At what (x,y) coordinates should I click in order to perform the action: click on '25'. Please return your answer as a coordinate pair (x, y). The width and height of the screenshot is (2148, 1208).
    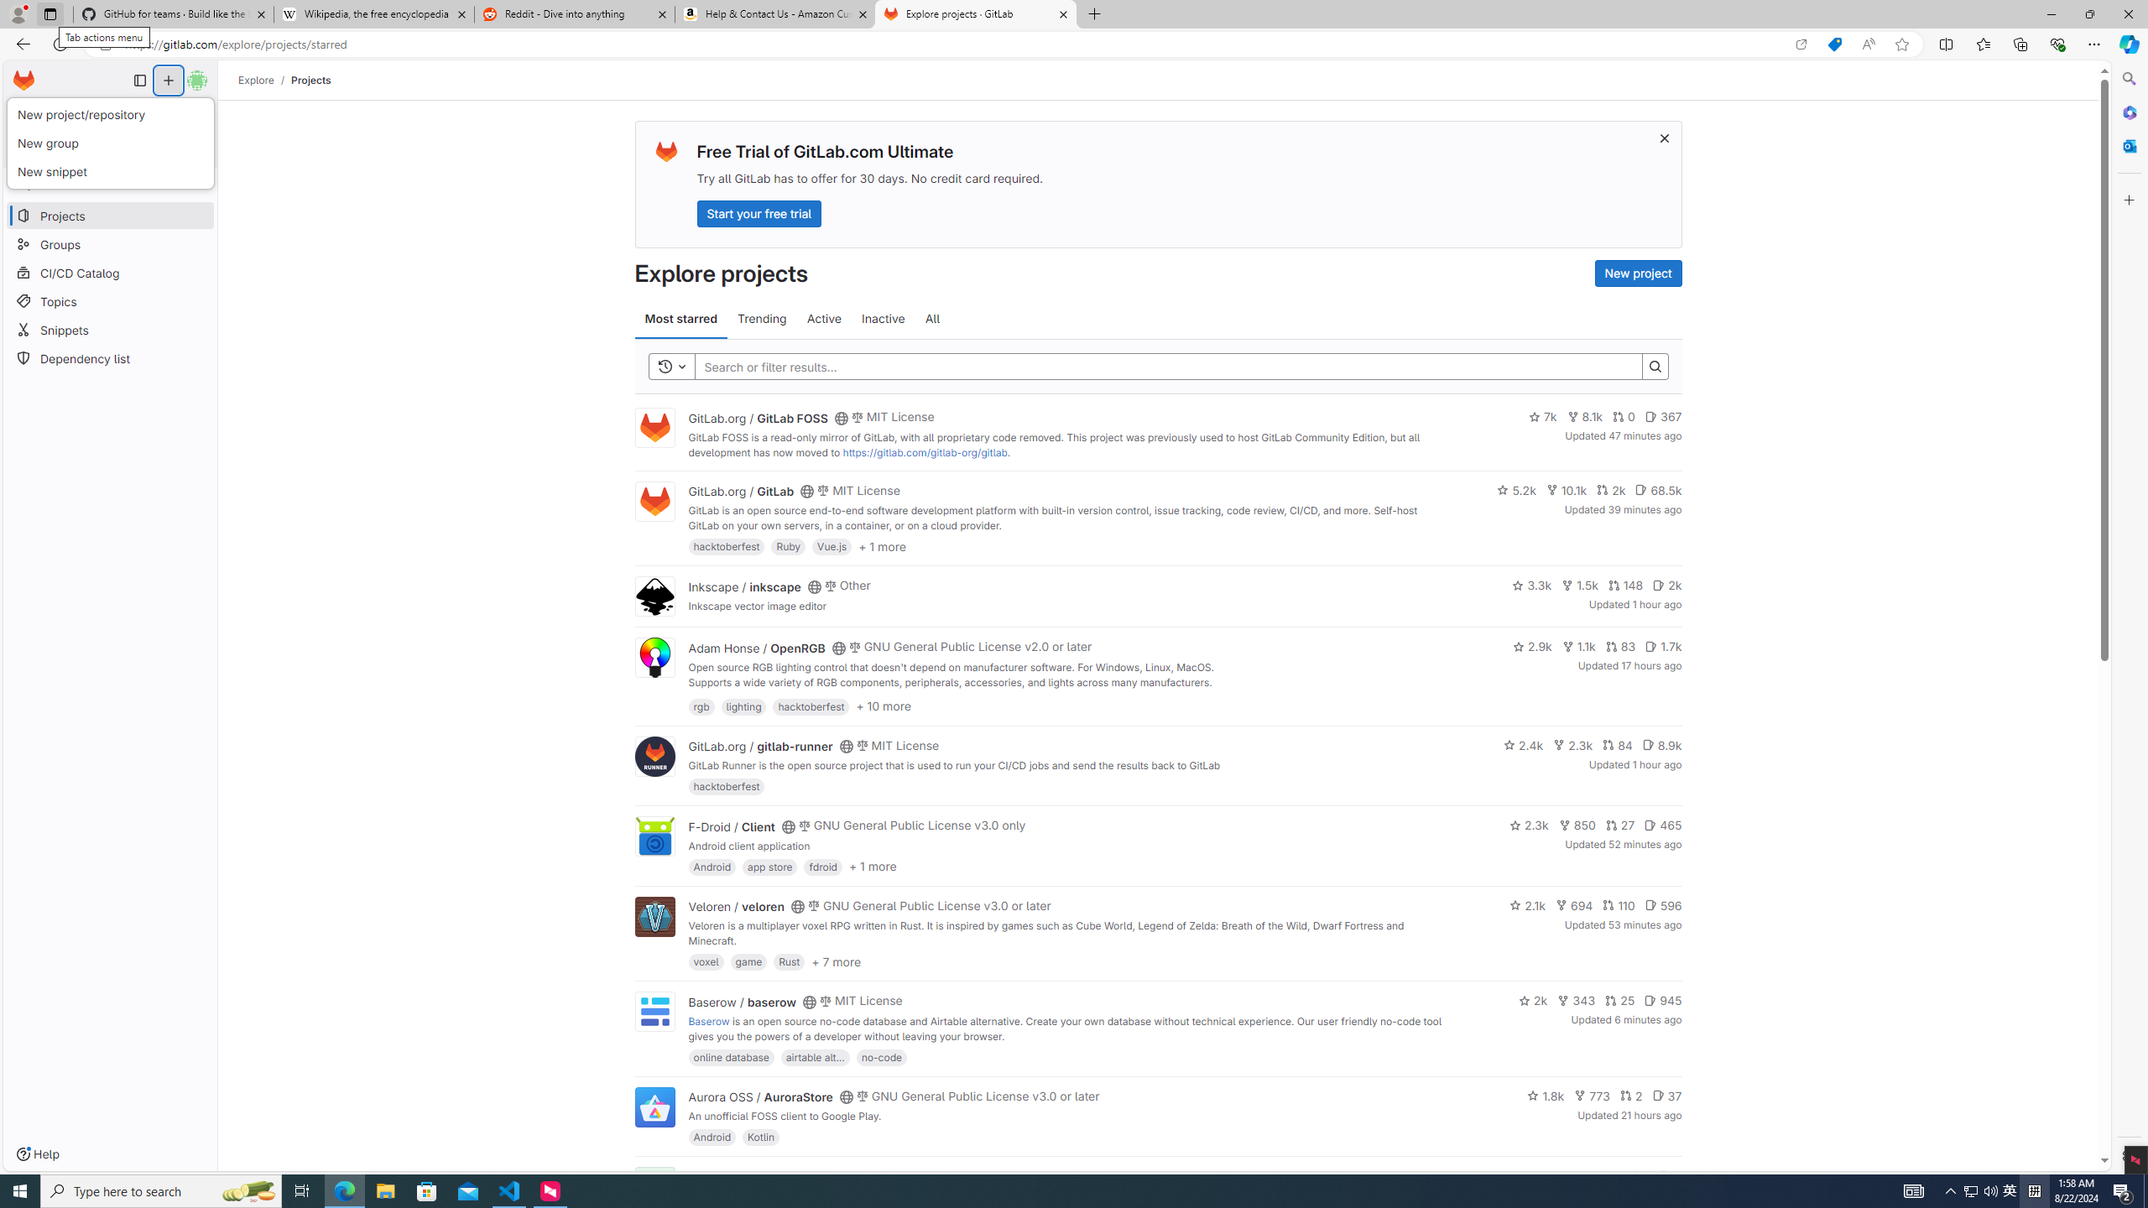
    Looking at the image, I should click on (1619, 1000).